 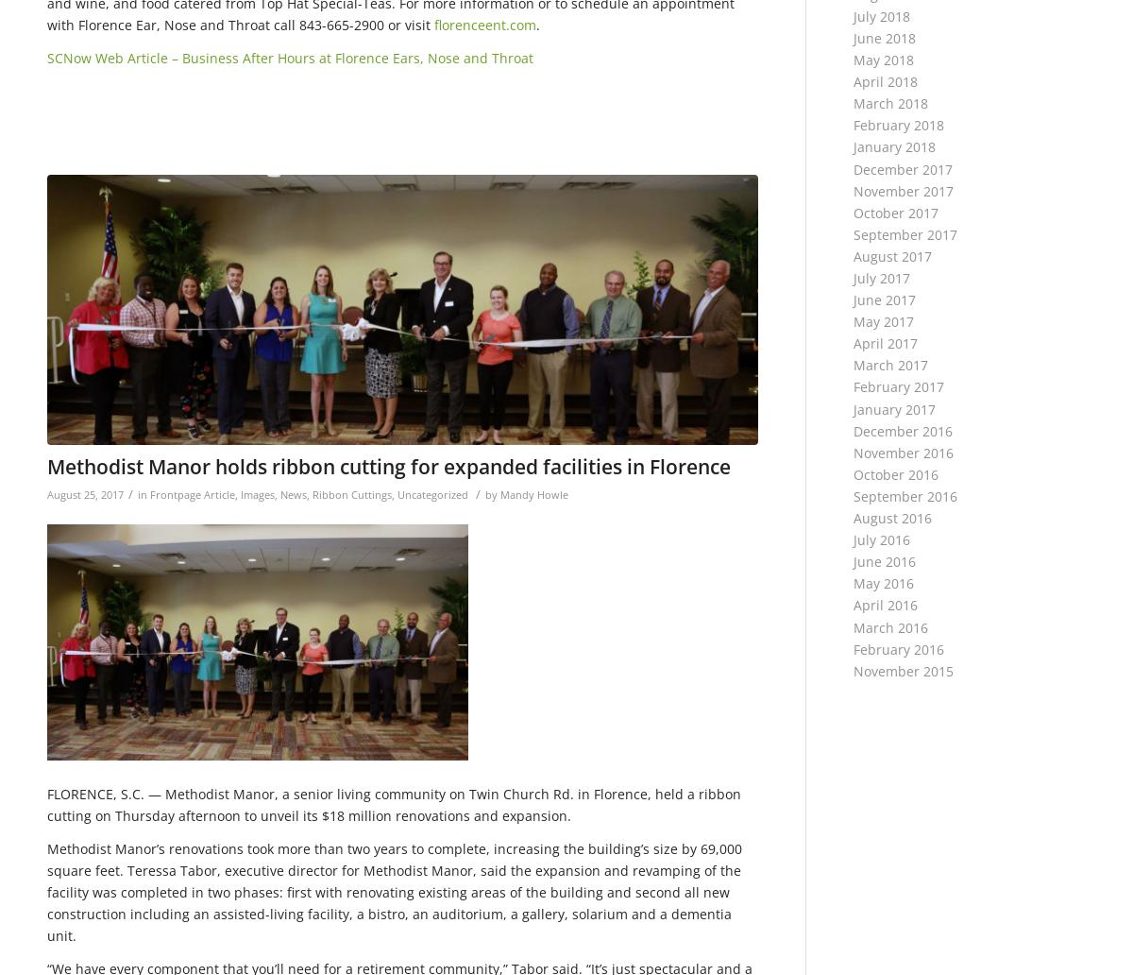 What do you see at coordinates (898, 647) in the screenshot?
I see `'February 2016'` at bounding box center [898, 647].